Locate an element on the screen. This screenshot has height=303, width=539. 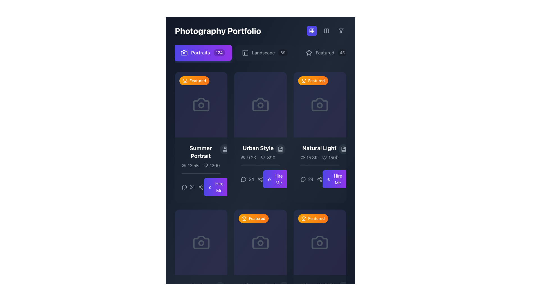
the decorative Vector graphic icon that indicates the 'Featured' status of the card, located in the top-left corner of the card is located at coordinates (303, 218).